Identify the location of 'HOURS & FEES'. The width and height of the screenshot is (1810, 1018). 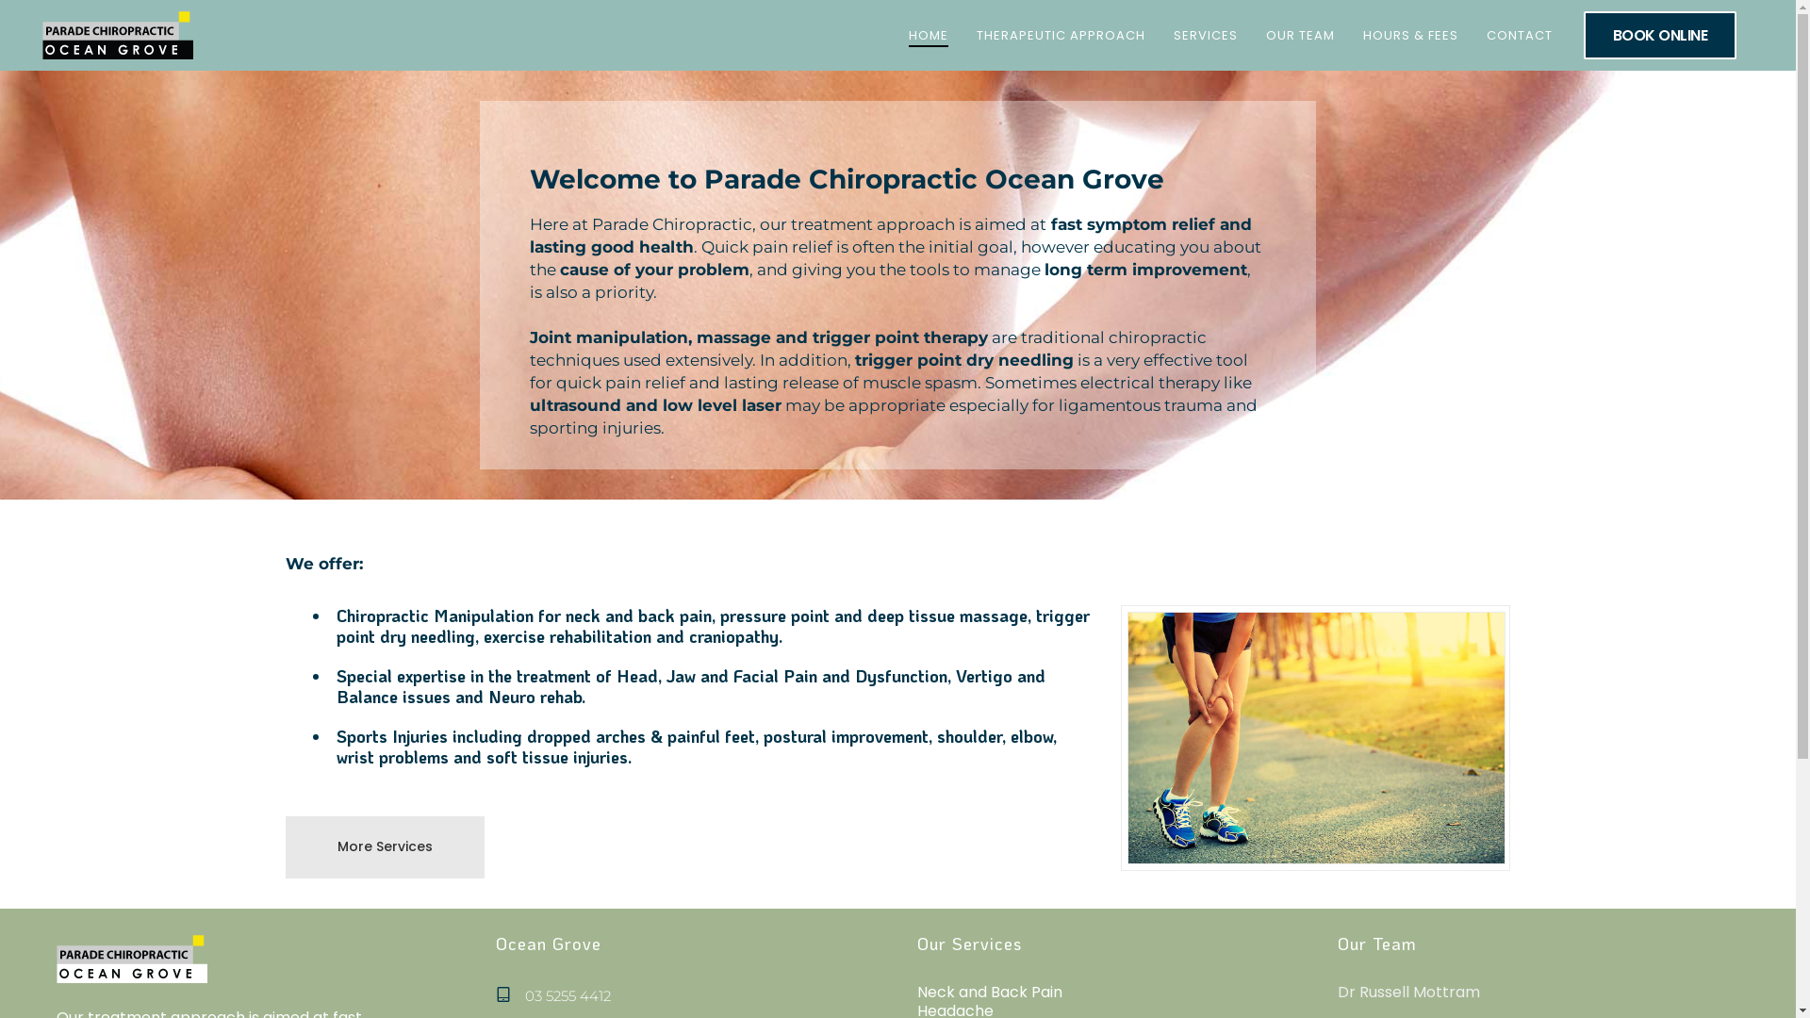
(1409, 35).